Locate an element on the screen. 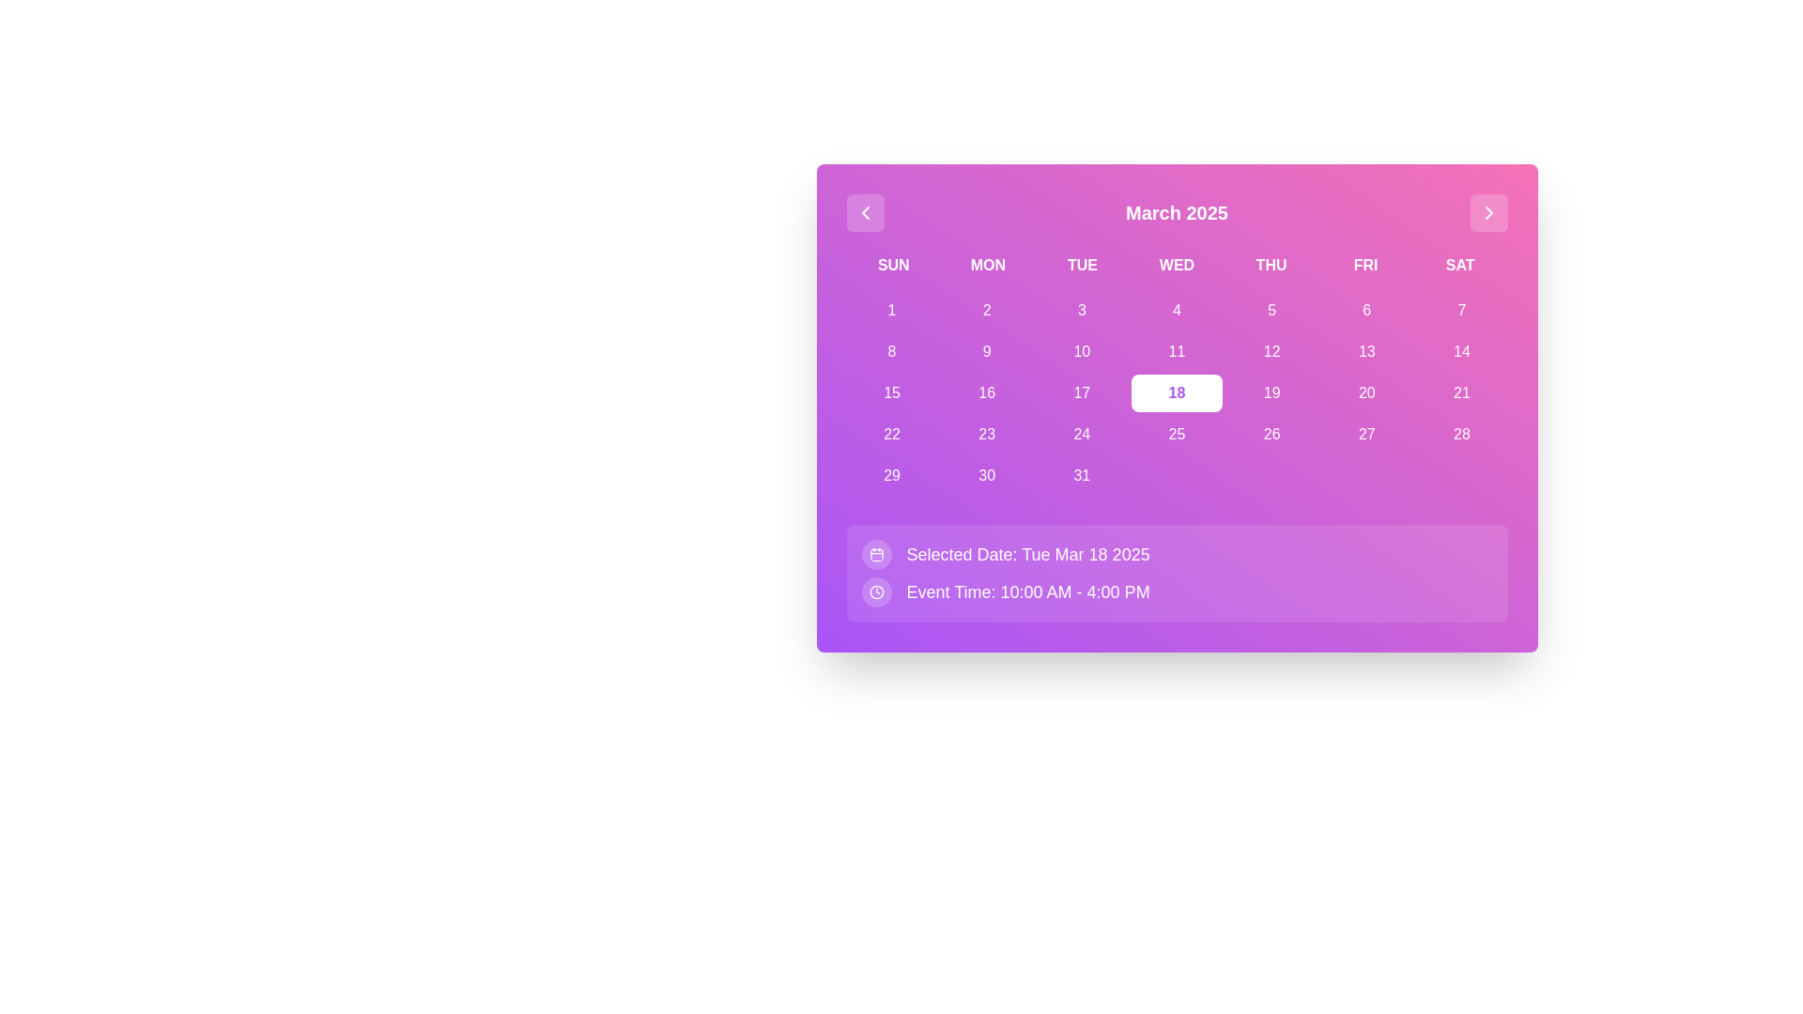 This screenshot has height=1014, width=1803. the interactive button displaying the number '5' in white text on a pink background, located in the first row, fifth column of the calendar grid under 'THU' is located at coordinates (1271, 310).